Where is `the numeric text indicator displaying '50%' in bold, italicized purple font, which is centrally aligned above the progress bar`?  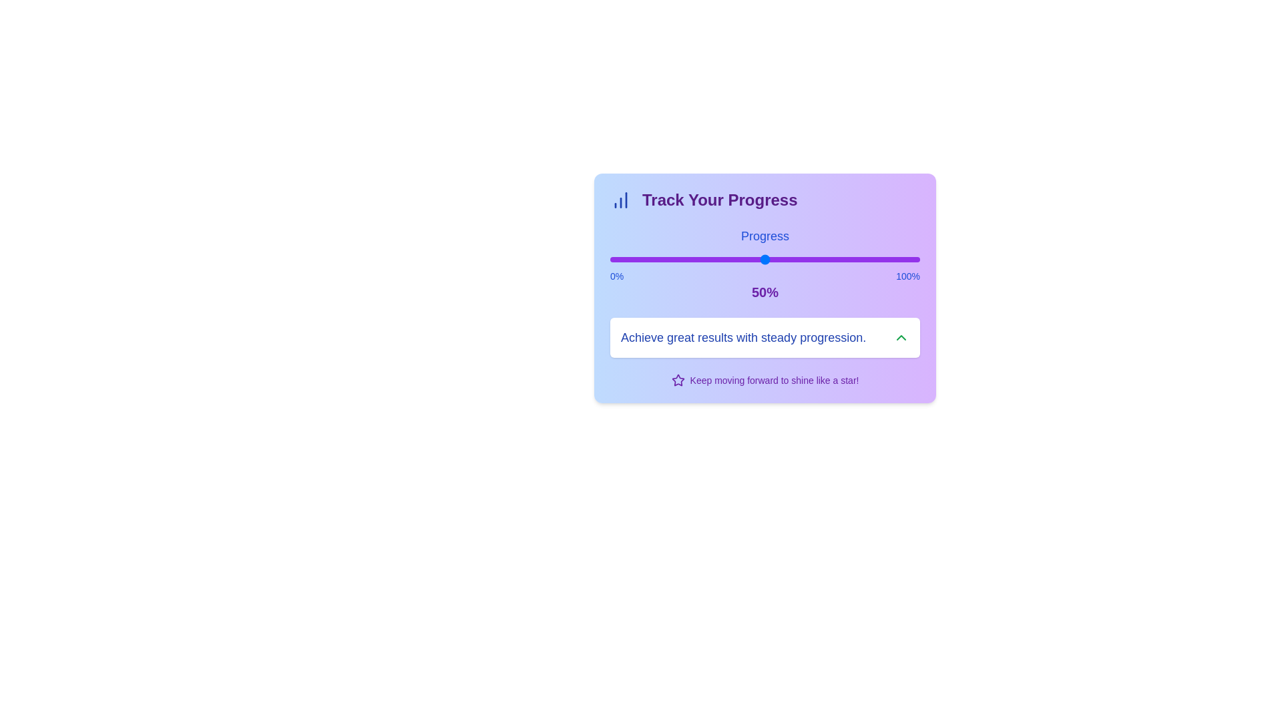
the numeric text indicator displaying '50%' in bold, italicized purple font, which is centrally aligned above the progress bar is located at coordinates (765, 292).